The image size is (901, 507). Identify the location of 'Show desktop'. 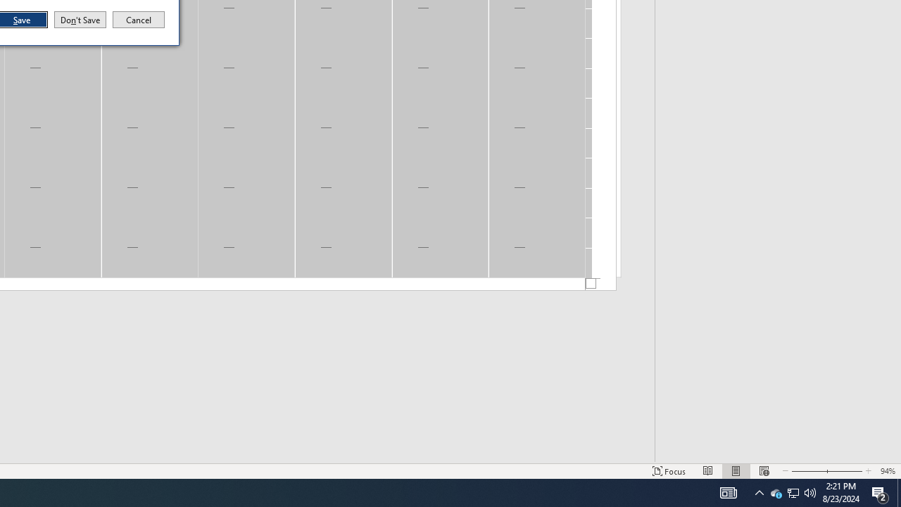
(898, 492).